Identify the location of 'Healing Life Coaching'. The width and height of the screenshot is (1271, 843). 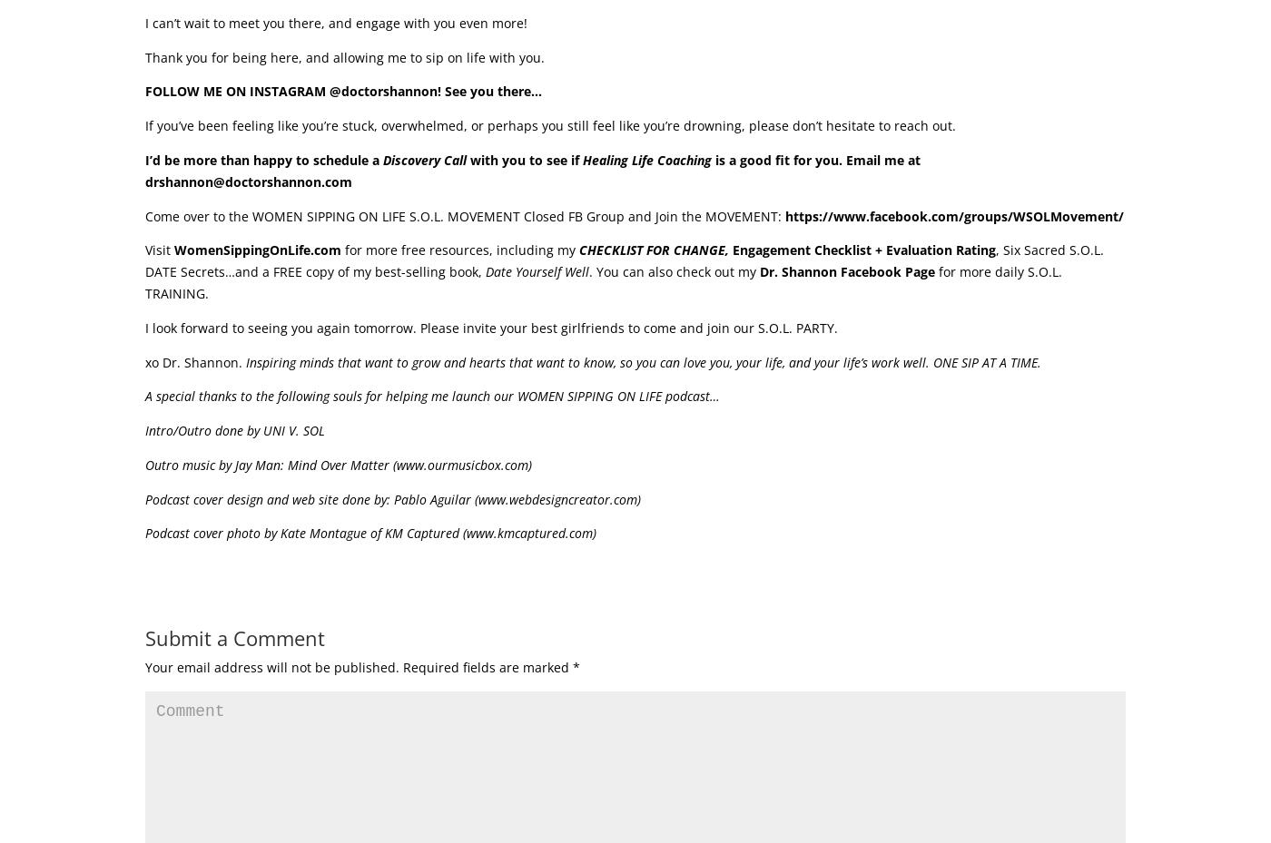
(646, 159).